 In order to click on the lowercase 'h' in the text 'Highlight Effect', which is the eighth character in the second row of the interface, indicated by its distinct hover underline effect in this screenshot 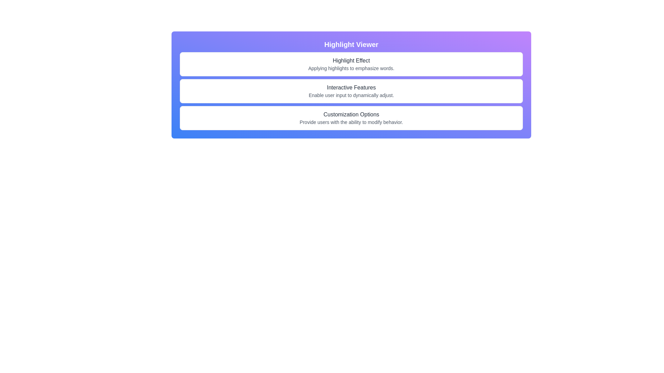, I will do `click(351, 60)`.